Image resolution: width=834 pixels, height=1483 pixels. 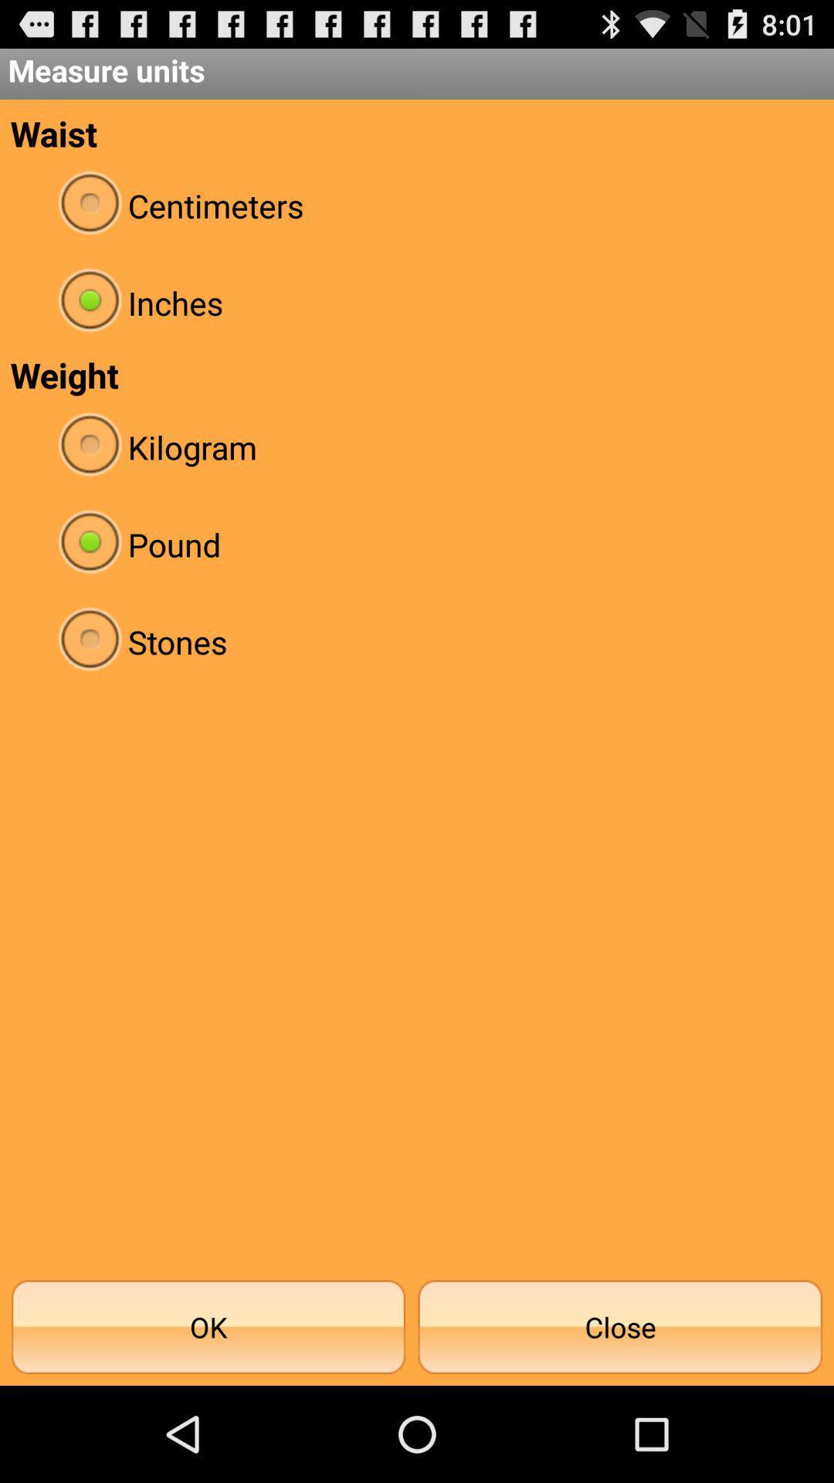 I want to click on the button above ok icon, so click(x=417, y=641).